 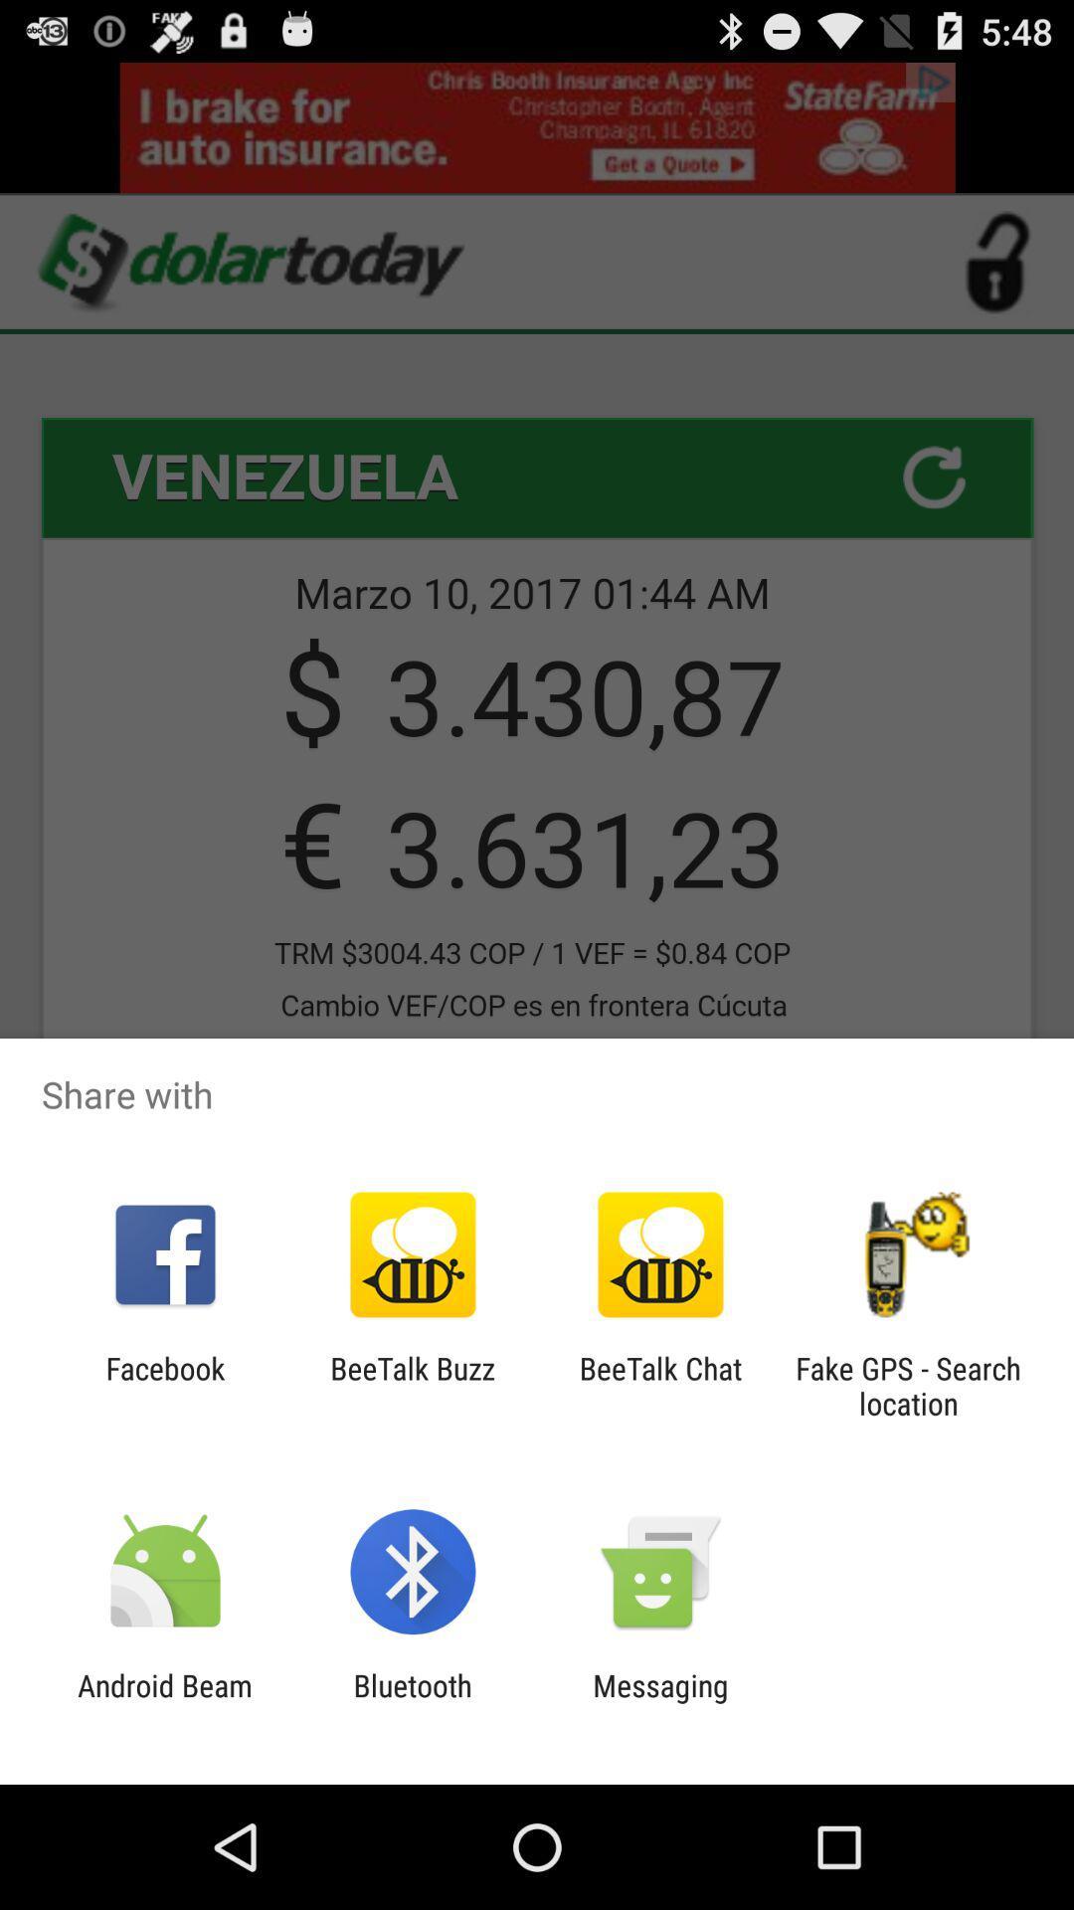 What do you see at coordinates (660, 1385) in the screenshot?
I see `beetalk chat` at bounding box center [660, 1385].